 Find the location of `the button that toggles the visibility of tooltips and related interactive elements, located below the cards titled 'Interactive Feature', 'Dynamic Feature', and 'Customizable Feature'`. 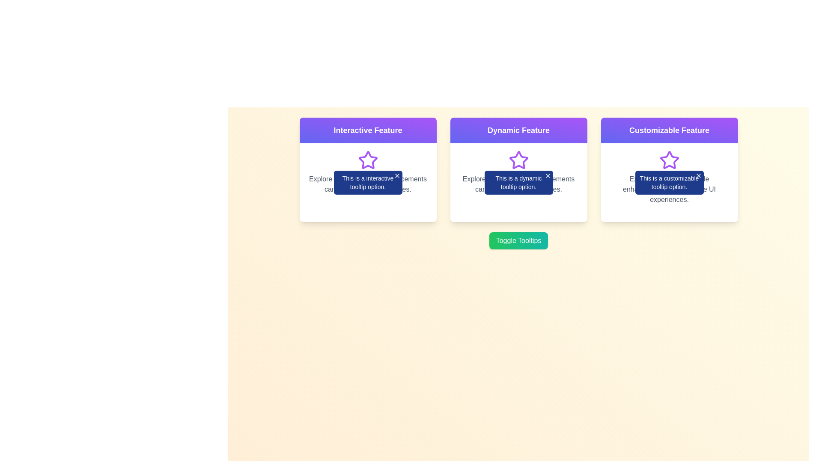

the button that toggles the visibility of tooltips and related interactive elements, located below the cards titled 'Interactive Feature', 'Dynamic Feature', and 'Customizable Feature' is located at coordinates (518, 241).